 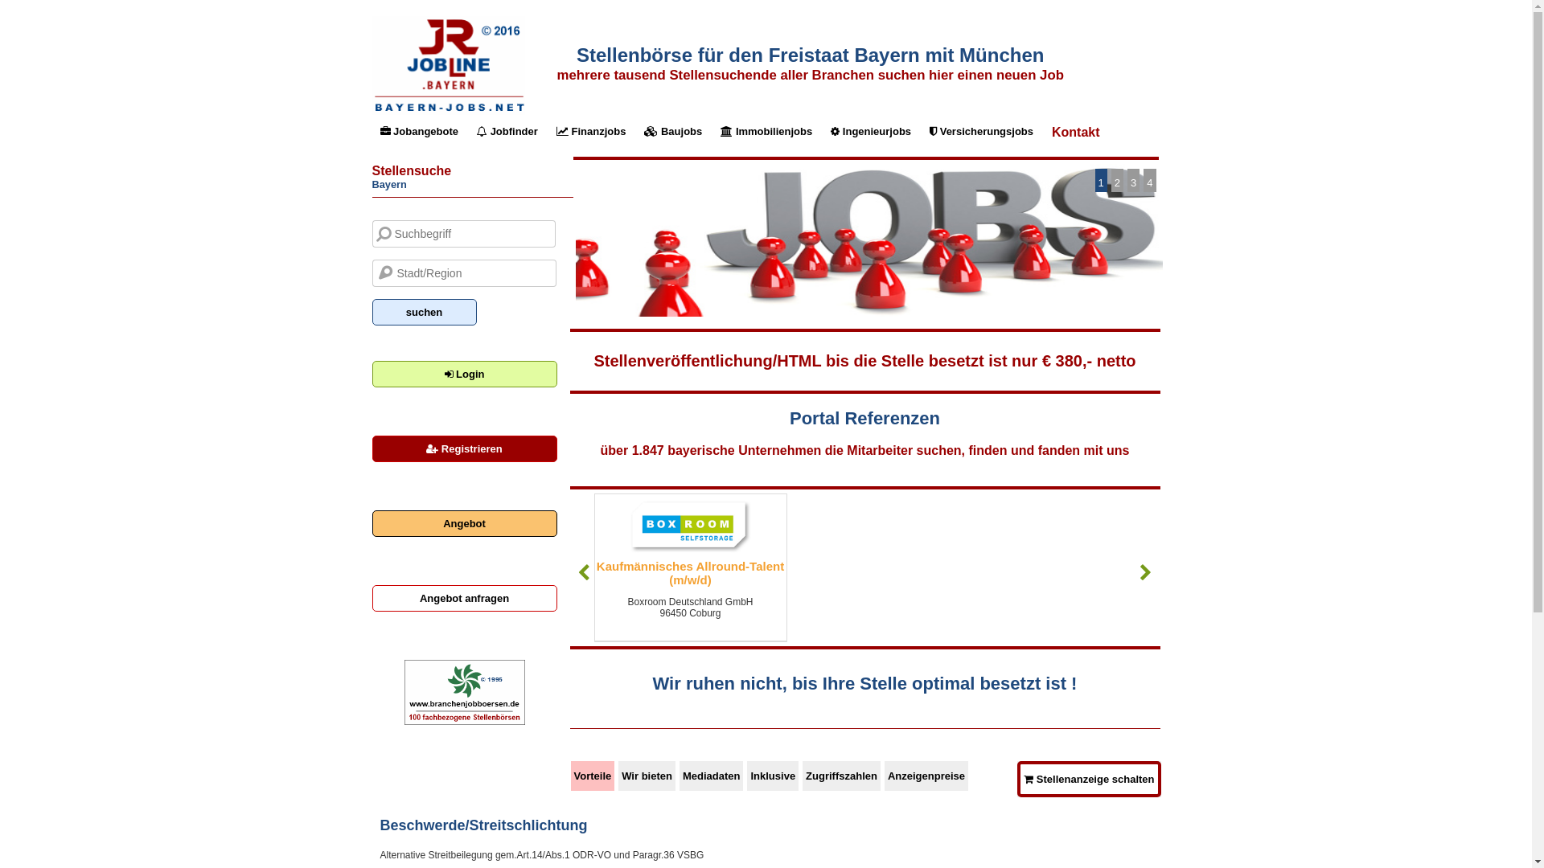 What do you see at coordinates (928, 775) in the screenshot?
I see `'Anzeigenpreise'` at bounding box center [928, 775].